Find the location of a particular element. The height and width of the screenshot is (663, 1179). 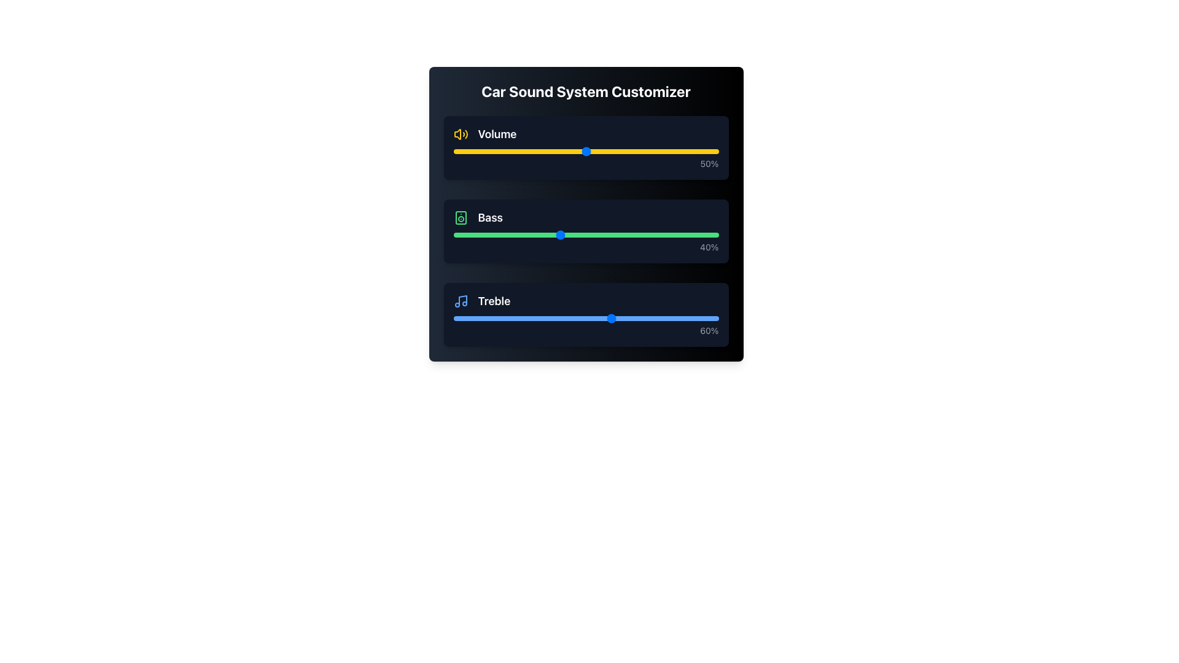

the treble level is located at coordinates (545, 318).